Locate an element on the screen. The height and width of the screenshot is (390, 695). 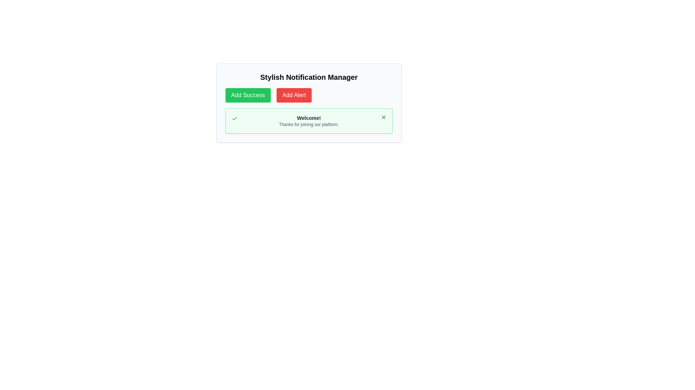
the 'Add Success' button, which is a rounded rectangle with a green background and white text, to observe the hover effect is located at coordinates (248, 95).